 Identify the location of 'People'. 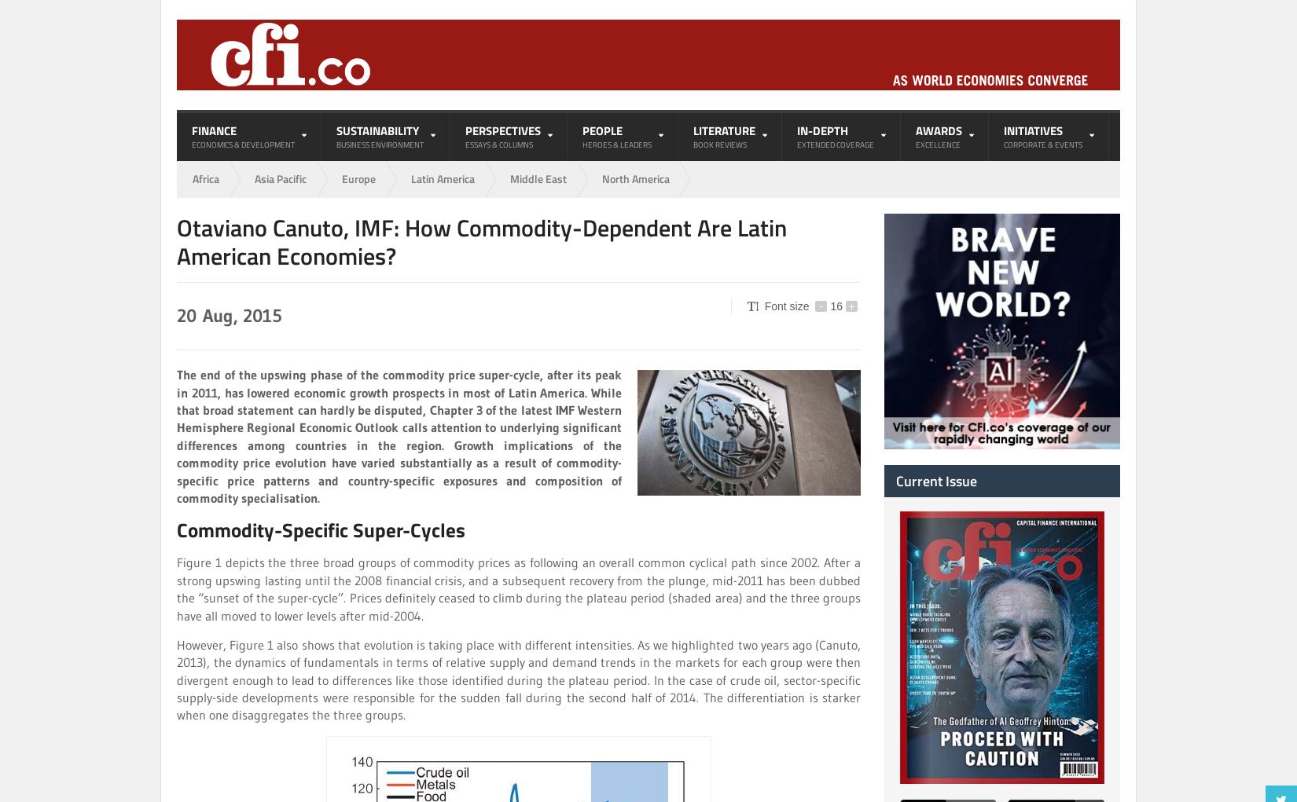
(601, 129).